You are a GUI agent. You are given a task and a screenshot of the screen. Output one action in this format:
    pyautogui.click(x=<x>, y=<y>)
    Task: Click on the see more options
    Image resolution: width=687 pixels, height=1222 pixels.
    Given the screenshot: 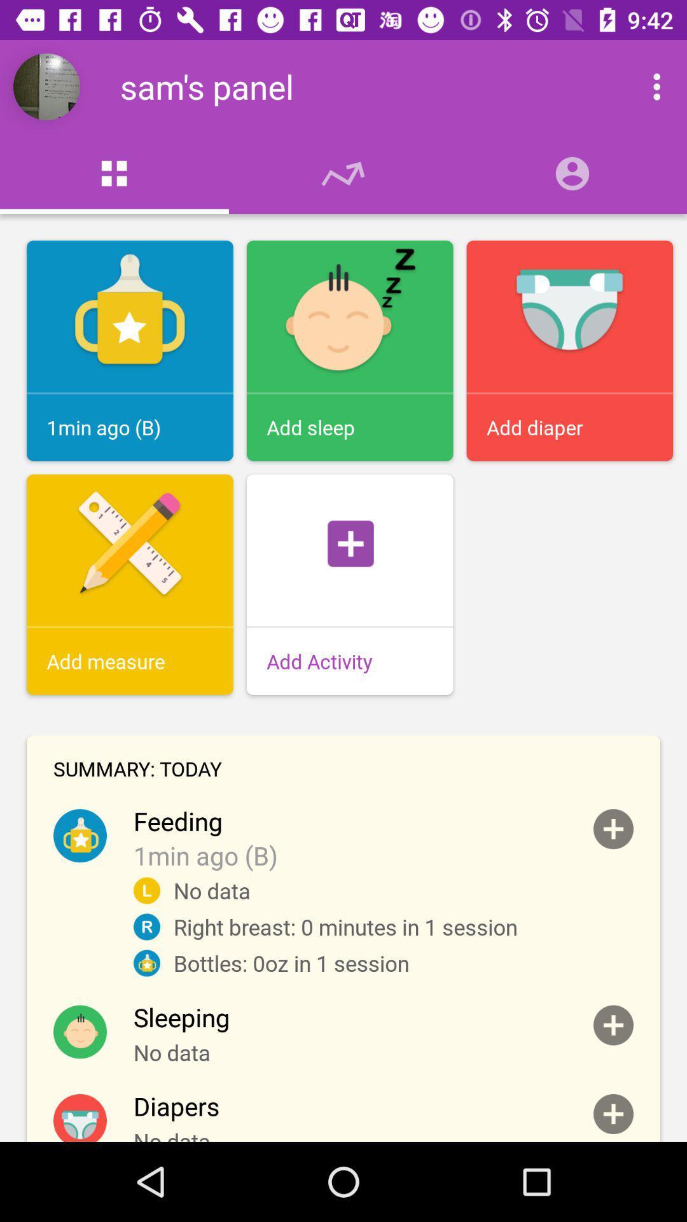 What is the action you would take?
    pyautogui.click(x=643, y=86)
    